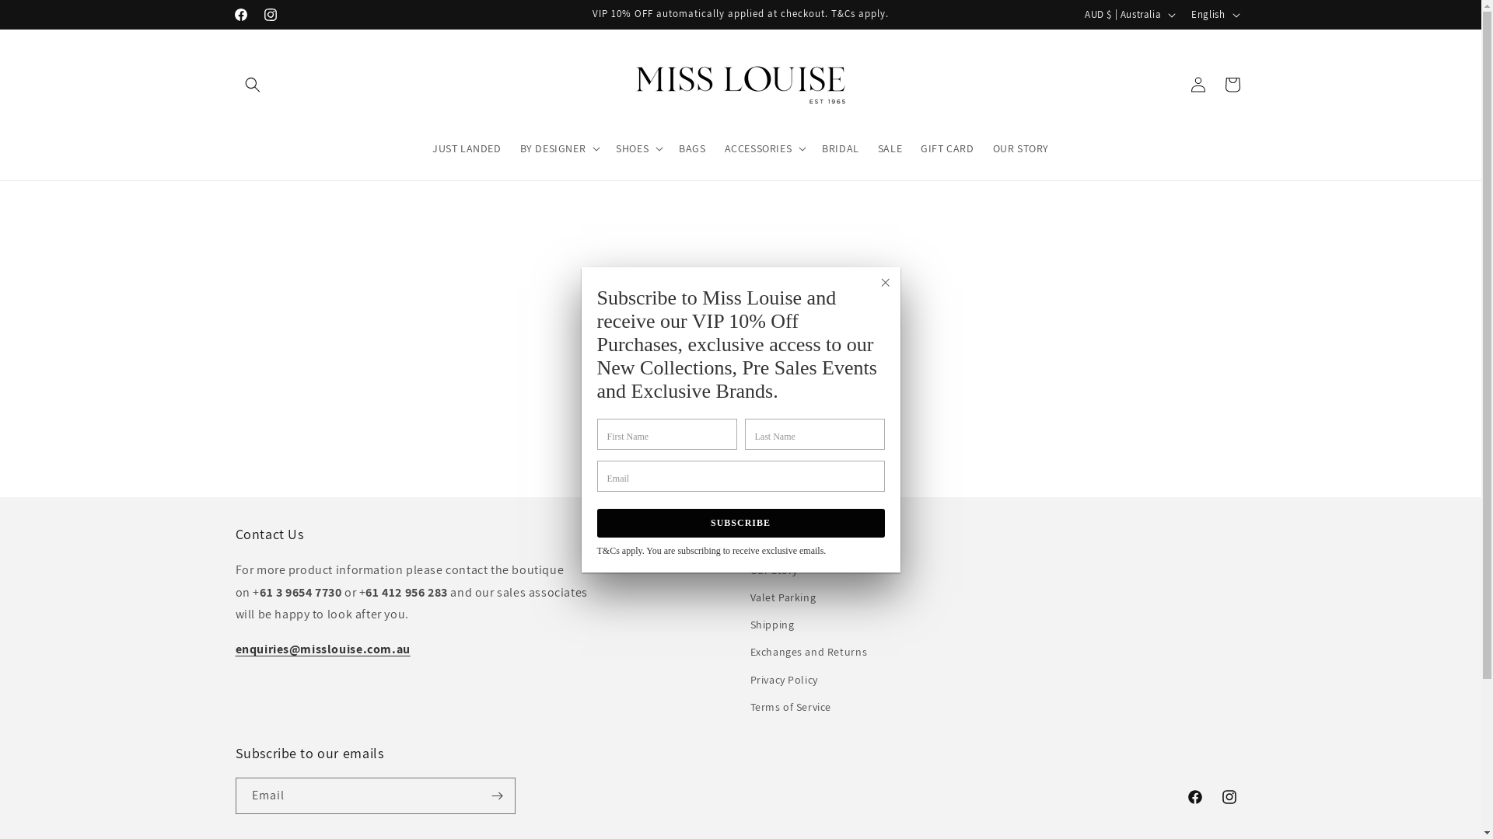 Image resolution: width=1493 pixels, height=839 pixels. What do you see at coordinates (1021, 148) in the screenshot?
I see `'OUR STORY'` at bounding box center [1021, 148].